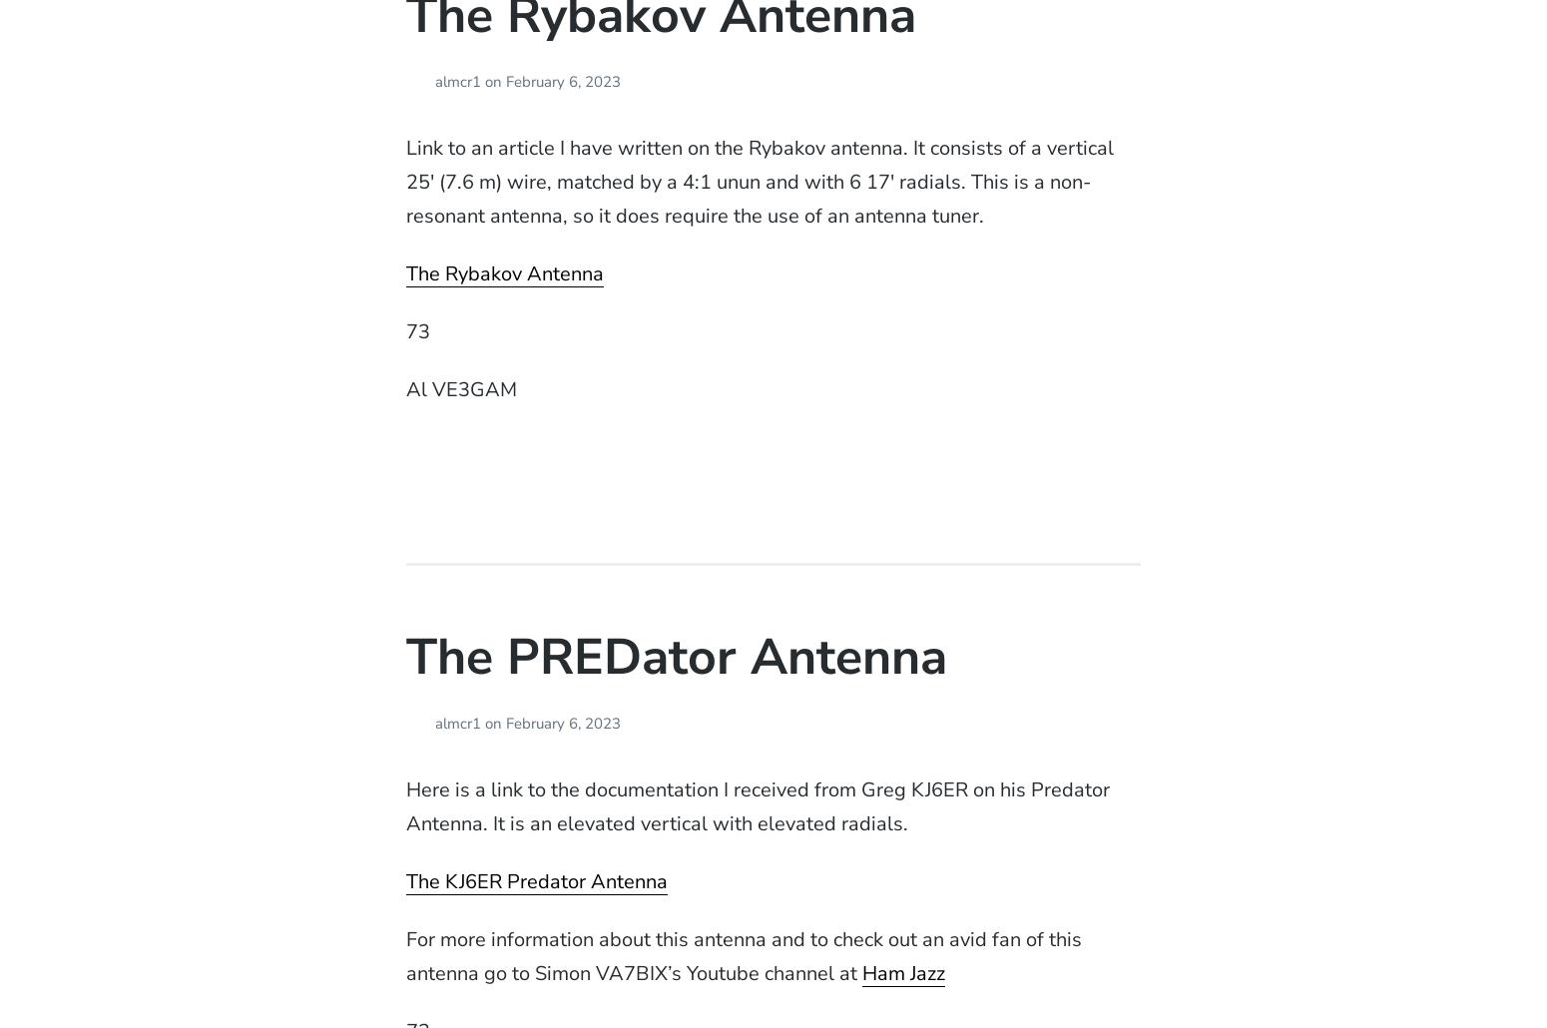 The width and height of the screenshot is (1547, 1028). Describe the element at coordinates (404, 272) in the screenshot. I see `'The Rybakov Antenna'` at that location.